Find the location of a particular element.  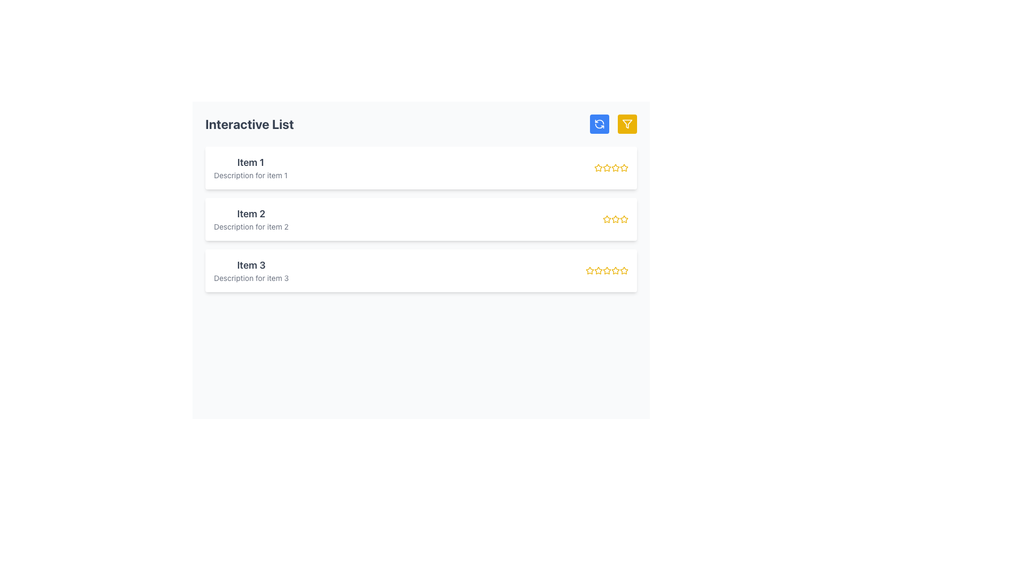

the third star icon in the five-star rating system is located at coordinates (616, 218).